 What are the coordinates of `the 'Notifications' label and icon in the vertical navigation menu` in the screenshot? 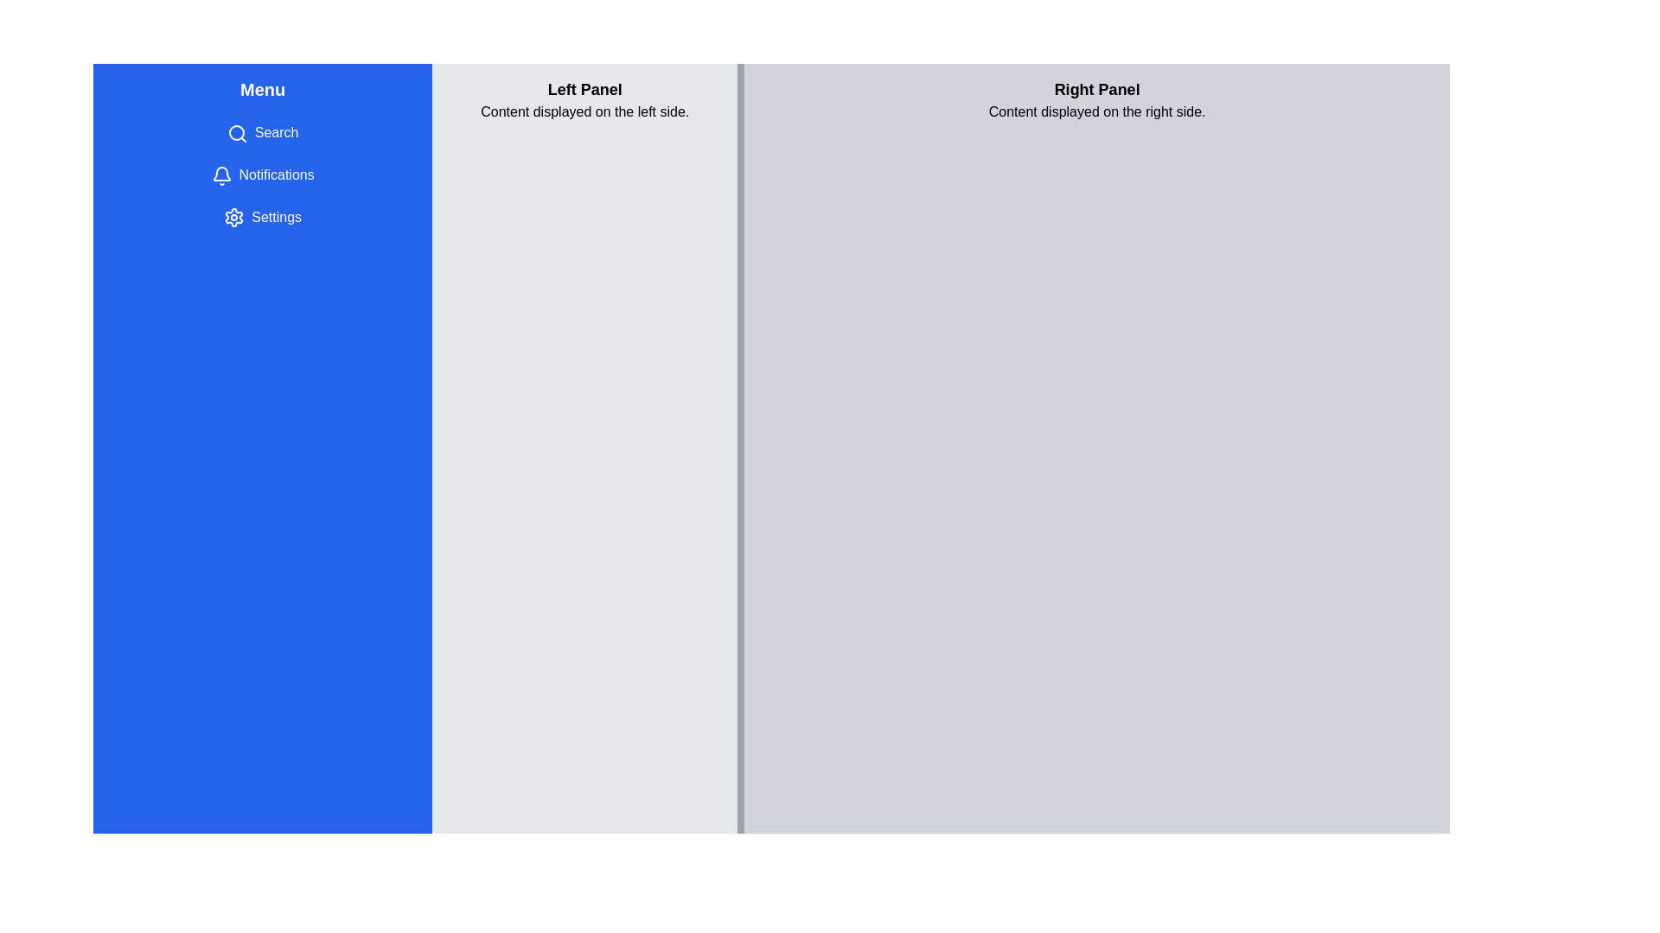 It's located at (262, 175).